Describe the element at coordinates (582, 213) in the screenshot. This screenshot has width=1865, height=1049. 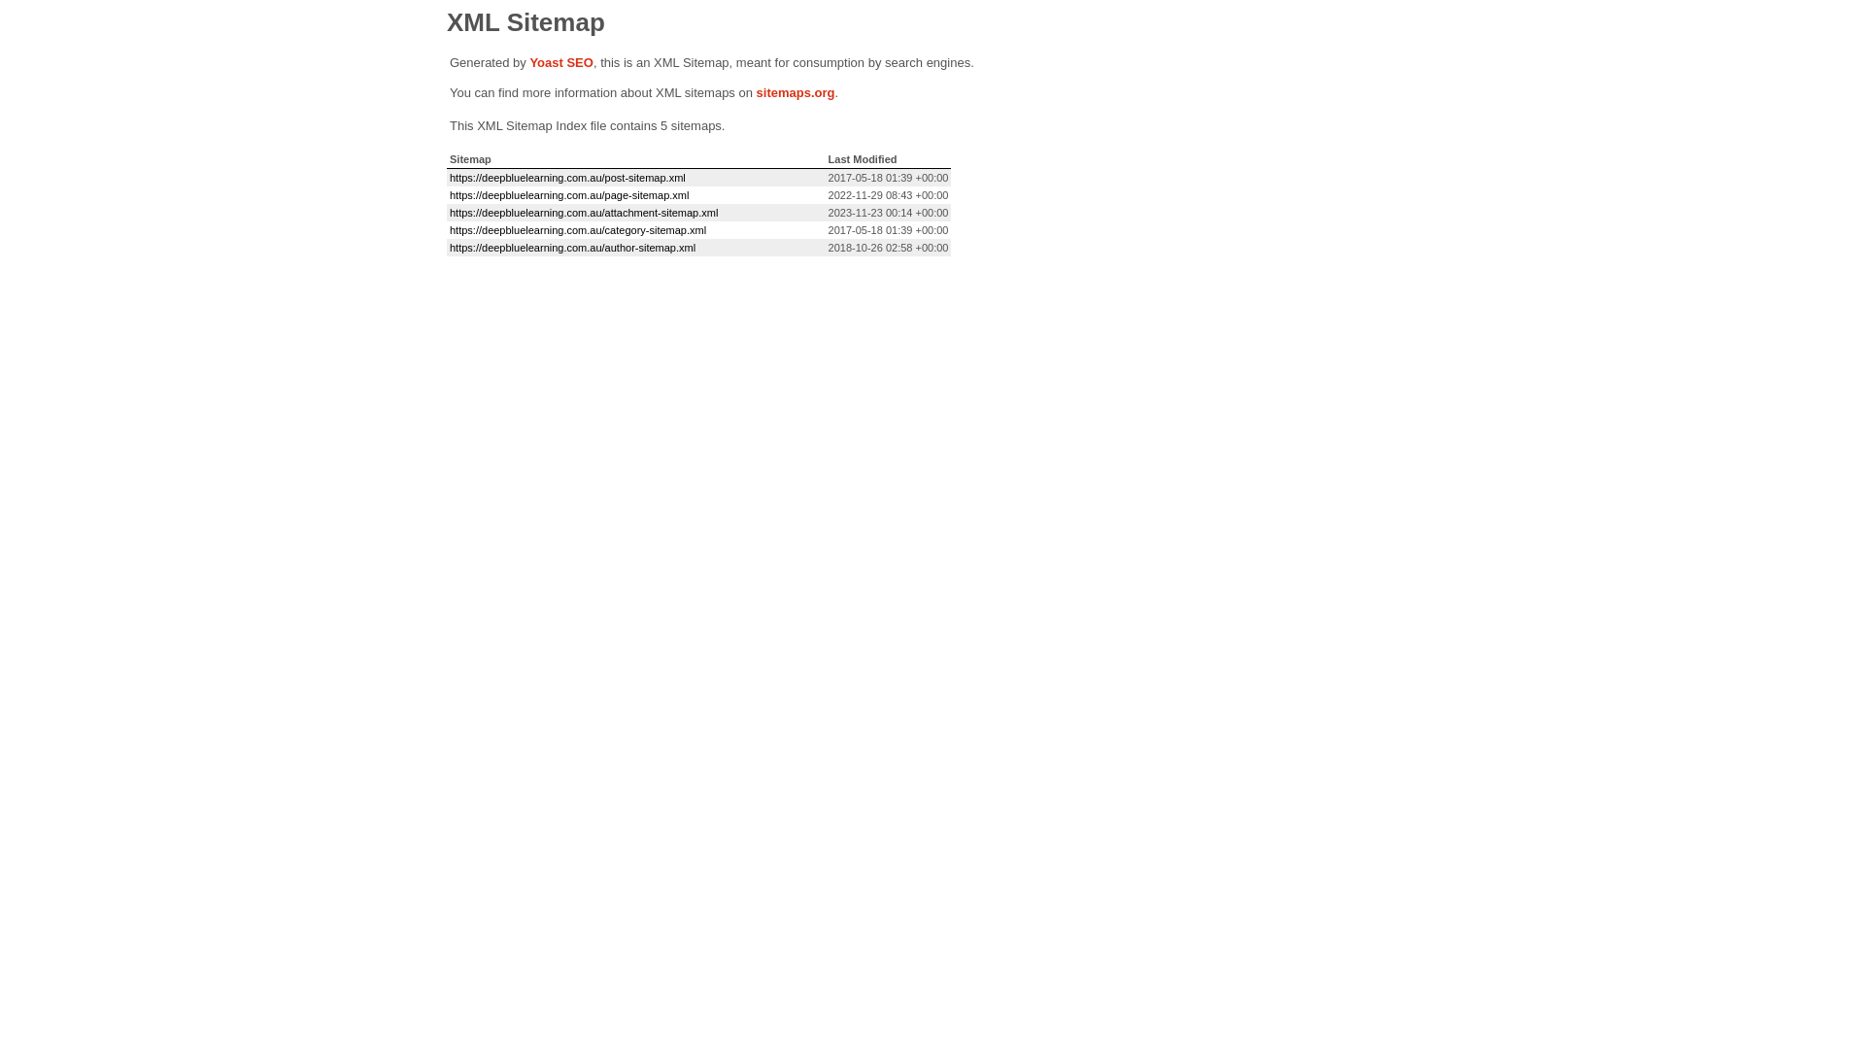
I see `'https://deepbluelearning.com.au/attachment-sitemap.xml'` at that location.